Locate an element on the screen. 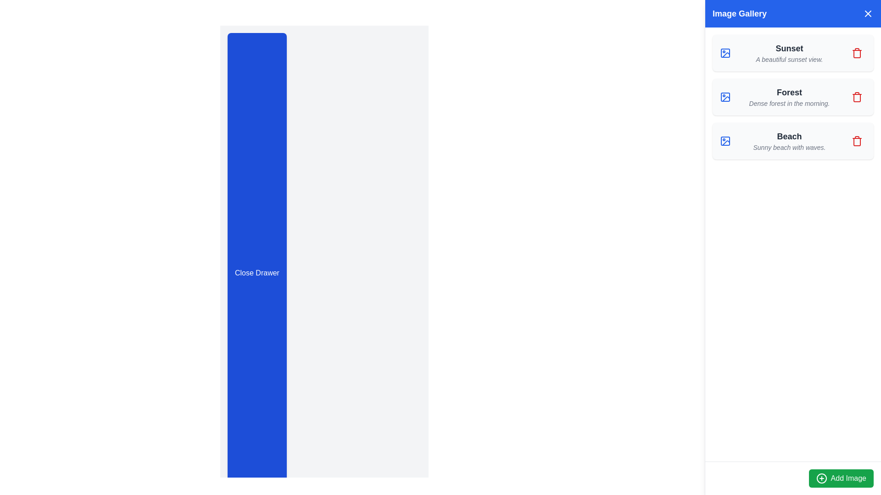 The image size is (881, 495). the Text block containing the title 'Forest' and description 'Dense forest in the morning', which is the second entry in the Image Gallery list is located at coordinates (789, 97).